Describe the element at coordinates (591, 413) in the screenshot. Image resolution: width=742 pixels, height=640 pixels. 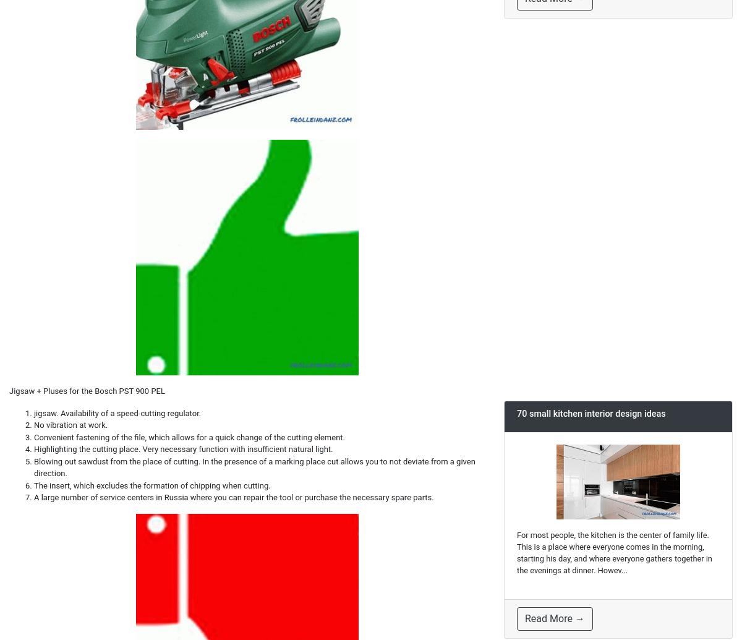
I see `'70 small kitchen interior design ideas'` at that location.